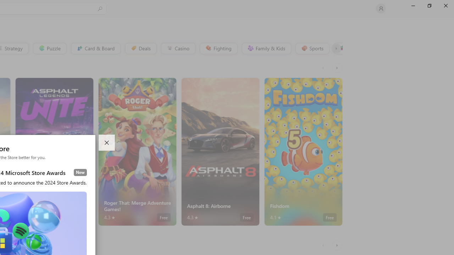 Image resolution: width=454 pixels, height=255 pixels. I want to click on 'Casino', so click(178, 48).